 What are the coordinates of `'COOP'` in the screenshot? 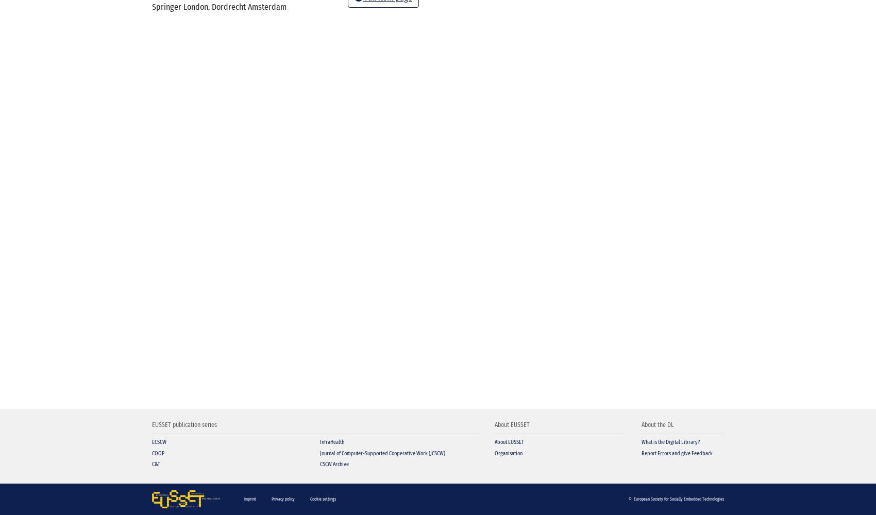 It's located at (158, 453).